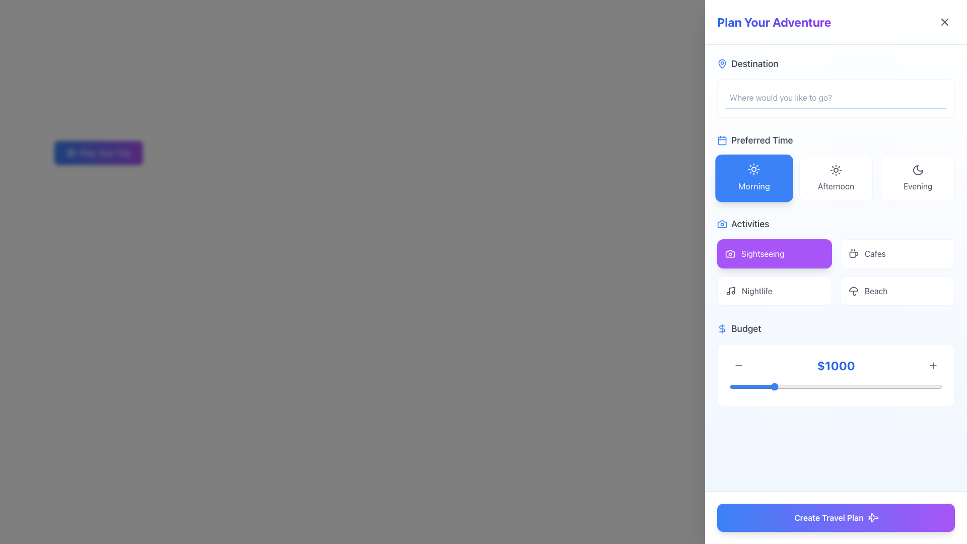 The height and width of the screenshot is (544, 967). Describe the element at coordinates (923, 386) in the screenshot. I see `the budget value` at that location.